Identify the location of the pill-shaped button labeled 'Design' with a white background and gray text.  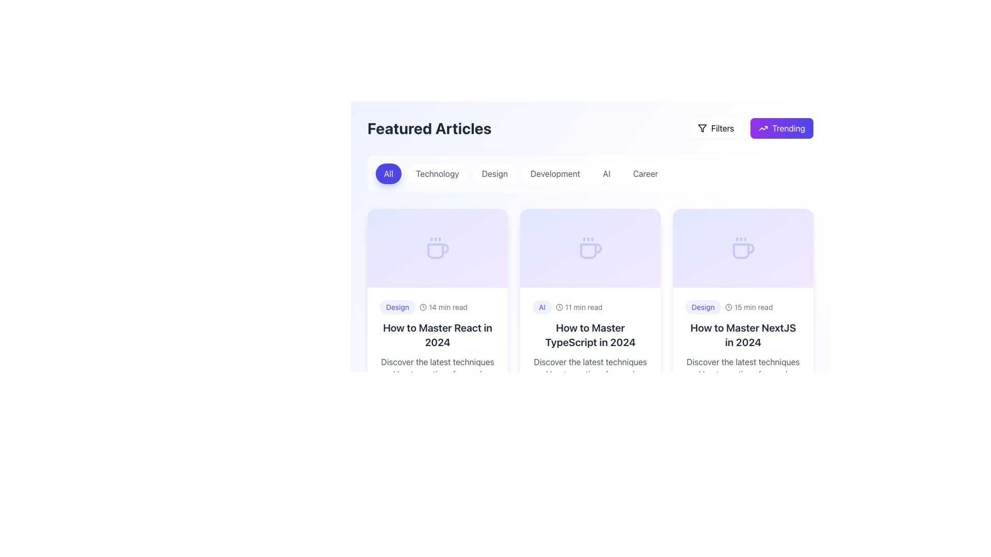
(494, 173).